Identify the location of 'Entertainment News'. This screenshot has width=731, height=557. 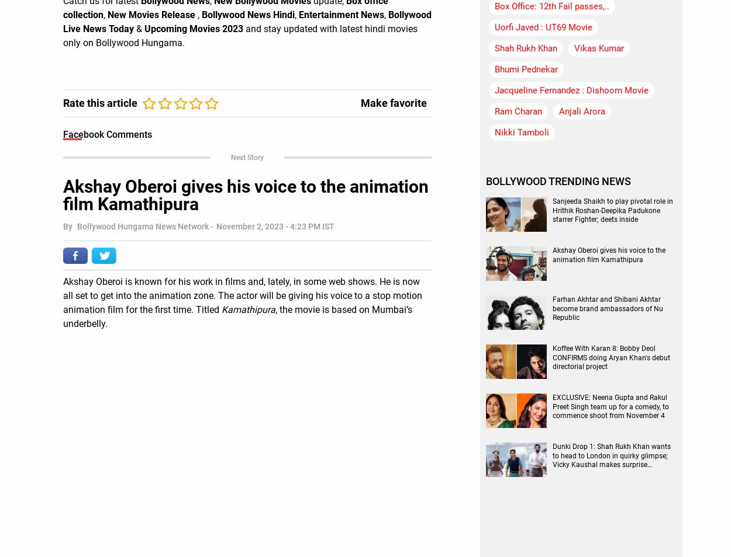
(341, 13).